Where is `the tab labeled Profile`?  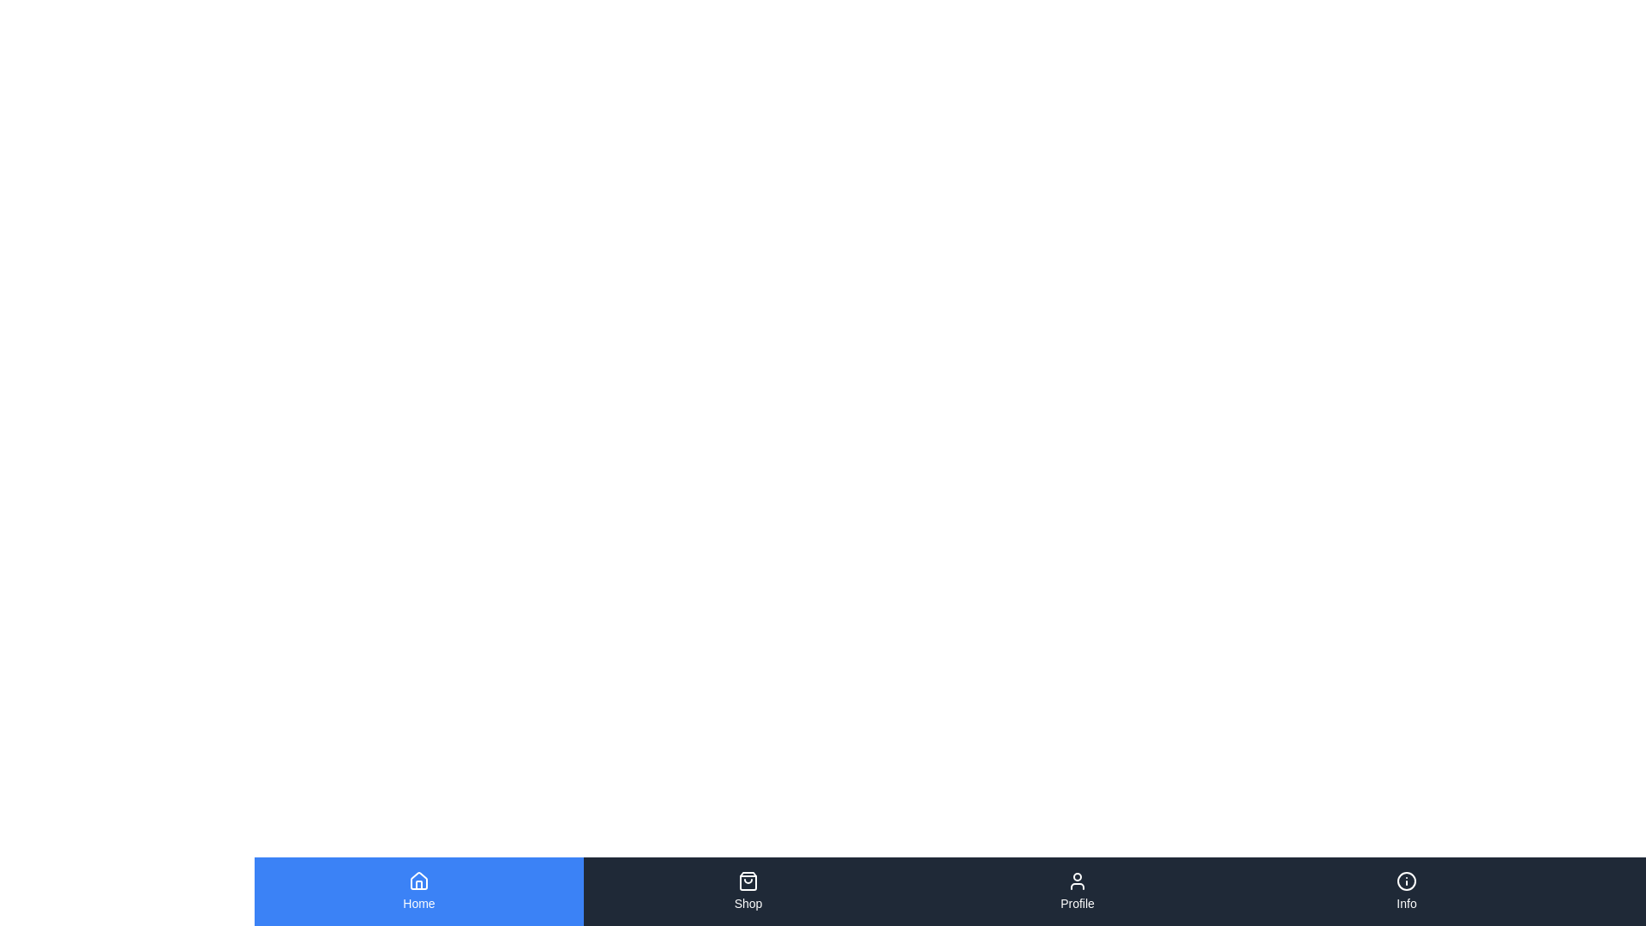 the tab labeled Profile is located at coordinates (1077, 891).